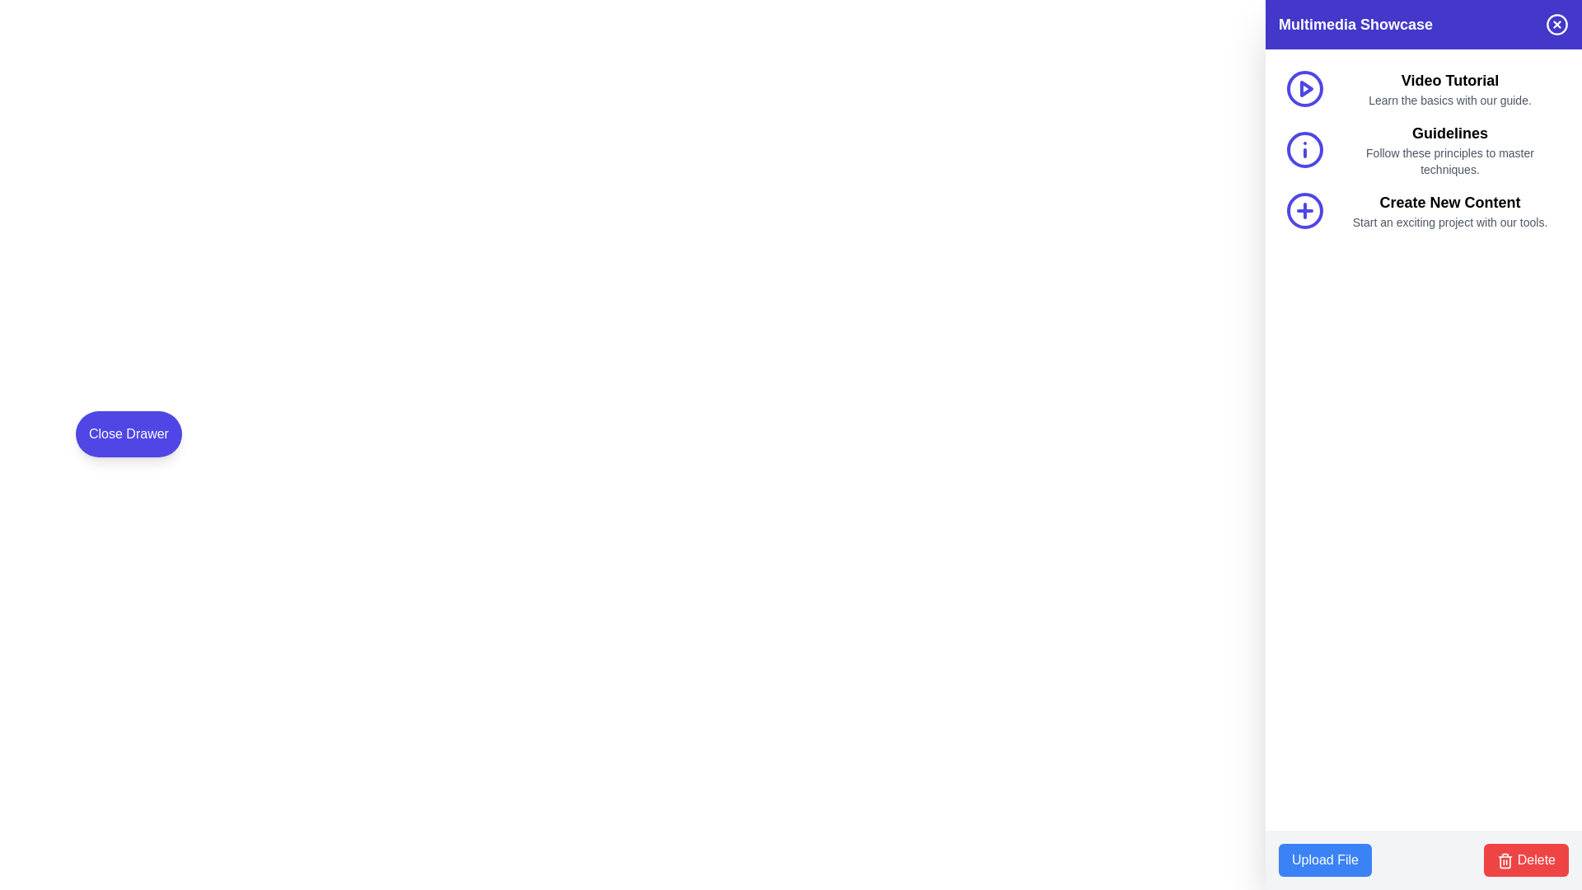  I want to click on the 'Create New Content' list item, which features an indigo circular icon with a plus sign and bold text, so click(1423, 209).